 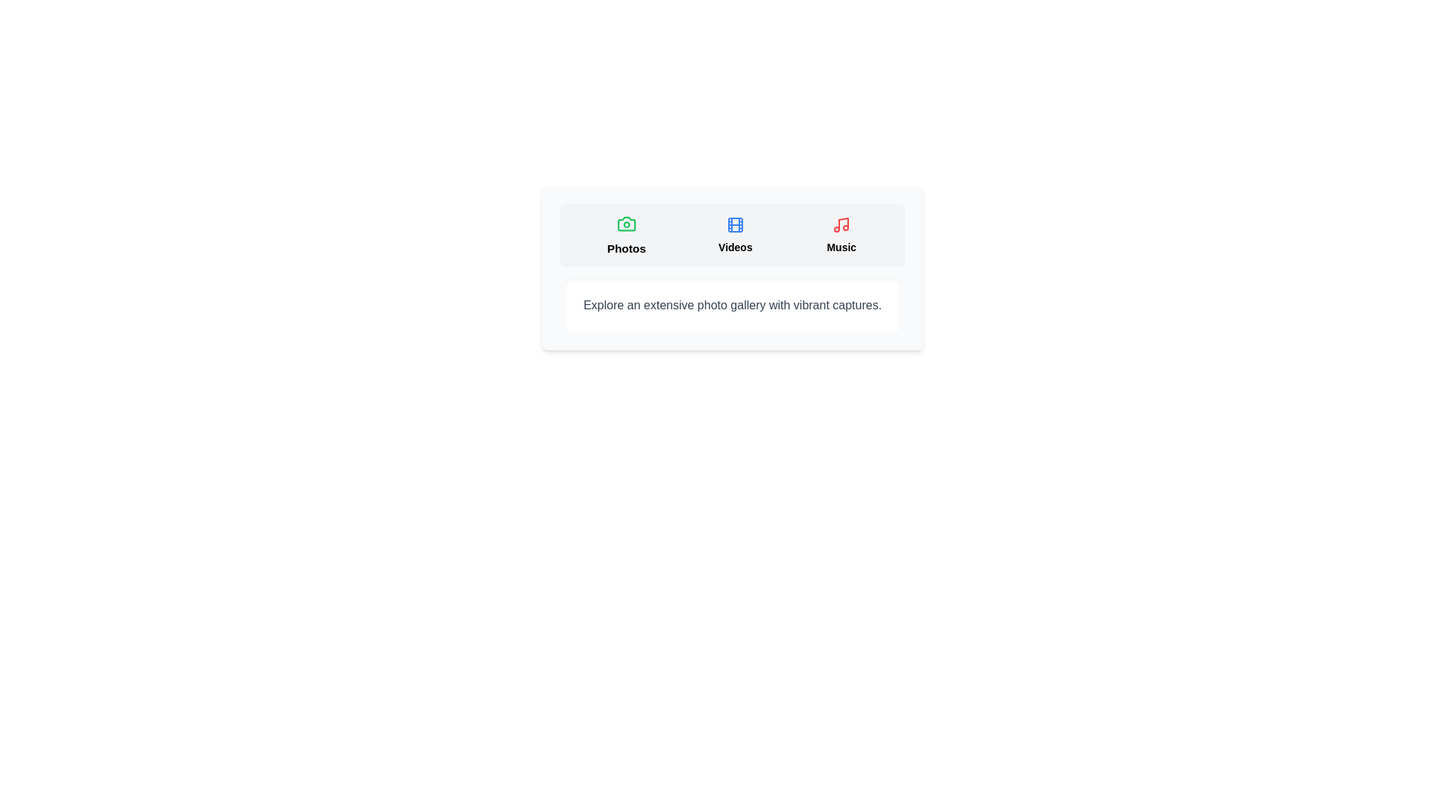 I want to click on the Music tab by clicking on it, so click(x=841, y=235).